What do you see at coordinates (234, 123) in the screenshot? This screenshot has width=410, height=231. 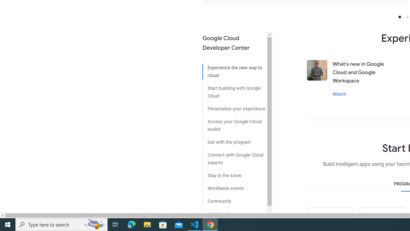 I see `'Access your Google Cloud toolkit'` at bounding box center [234, 123].